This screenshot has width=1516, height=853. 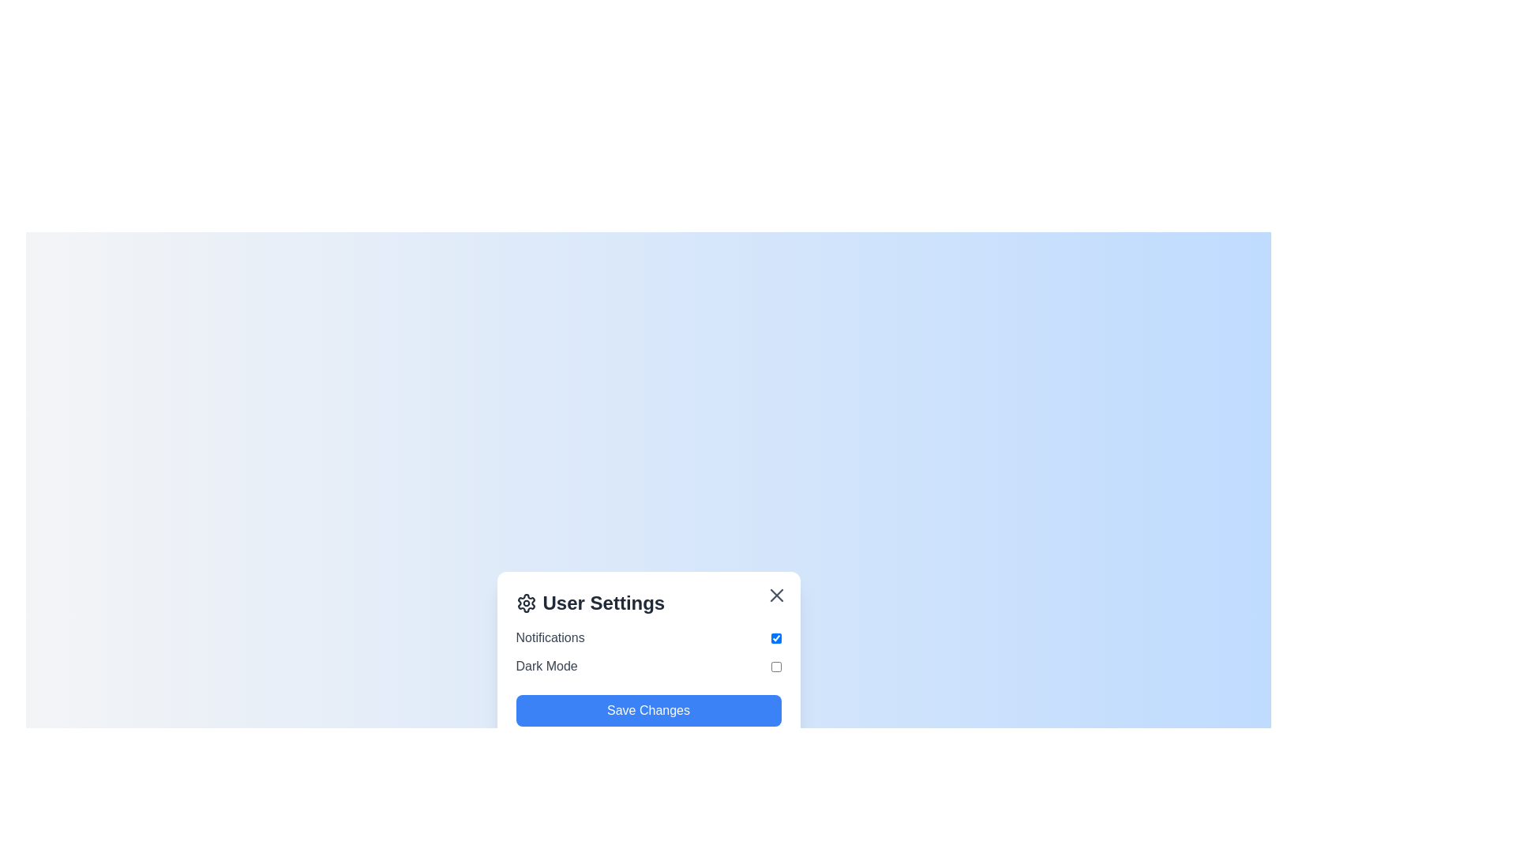 I want to click on the notification preference toggle to change its state, so click(x=776, y=637).